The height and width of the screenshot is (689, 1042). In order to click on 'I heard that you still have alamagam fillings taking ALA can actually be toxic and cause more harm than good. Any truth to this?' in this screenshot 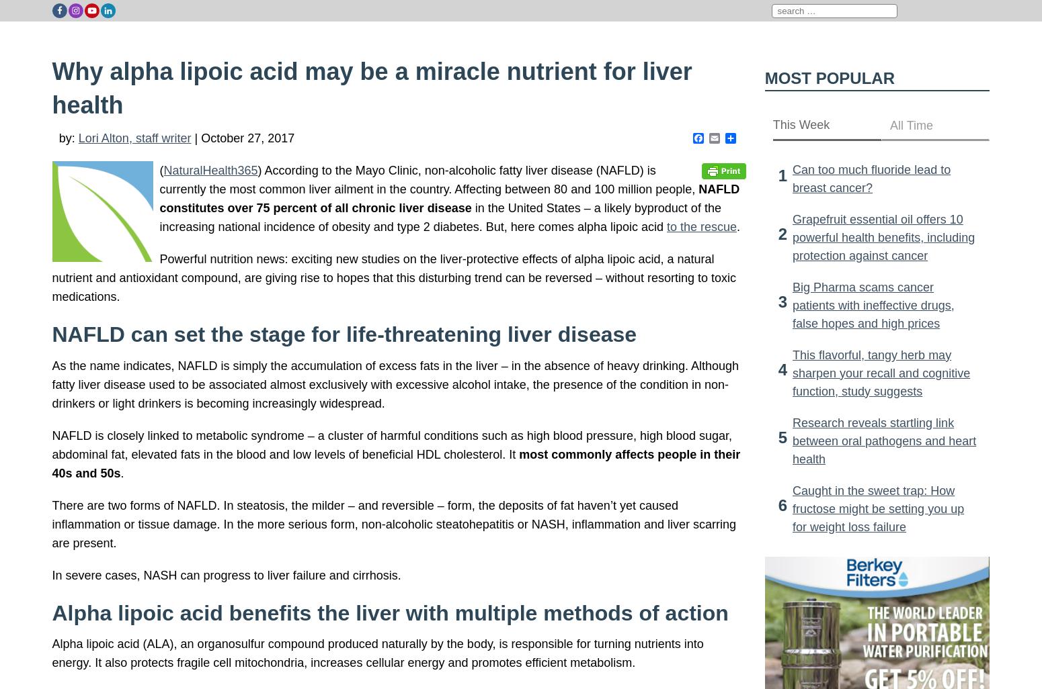, I will do `click(412, 409)`.